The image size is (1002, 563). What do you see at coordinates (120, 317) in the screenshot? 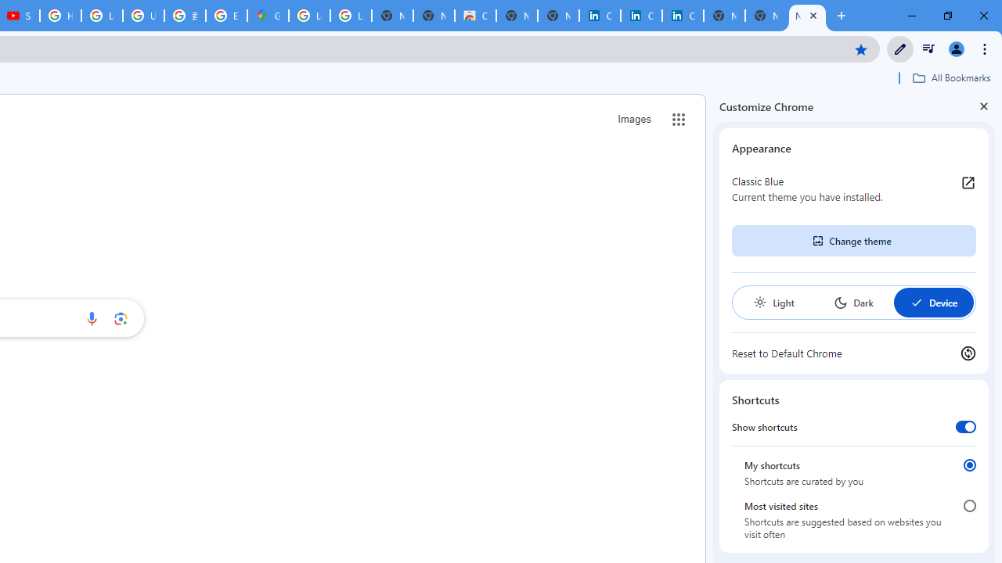
I see `'Search by image'` at bounding box center [120, 317].